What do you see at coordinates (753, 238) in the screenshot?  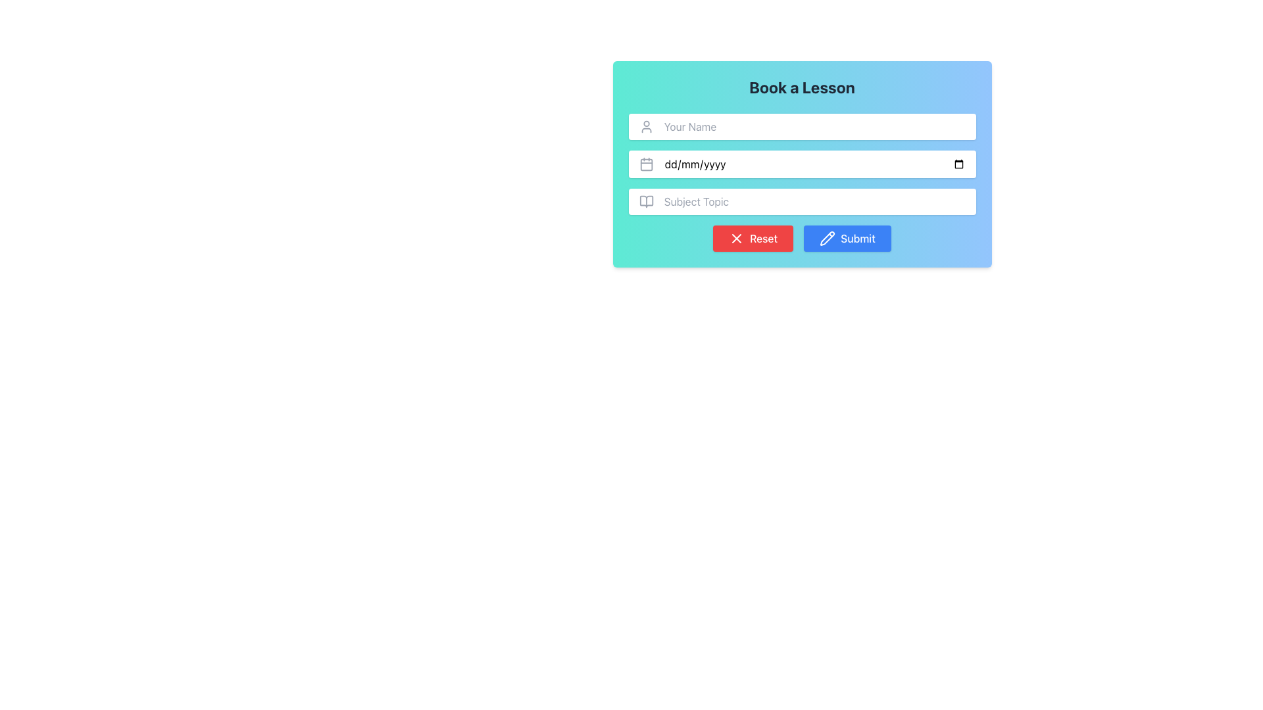 I see `the red 'Reset' button with white text` at bounding box center [753, 238].